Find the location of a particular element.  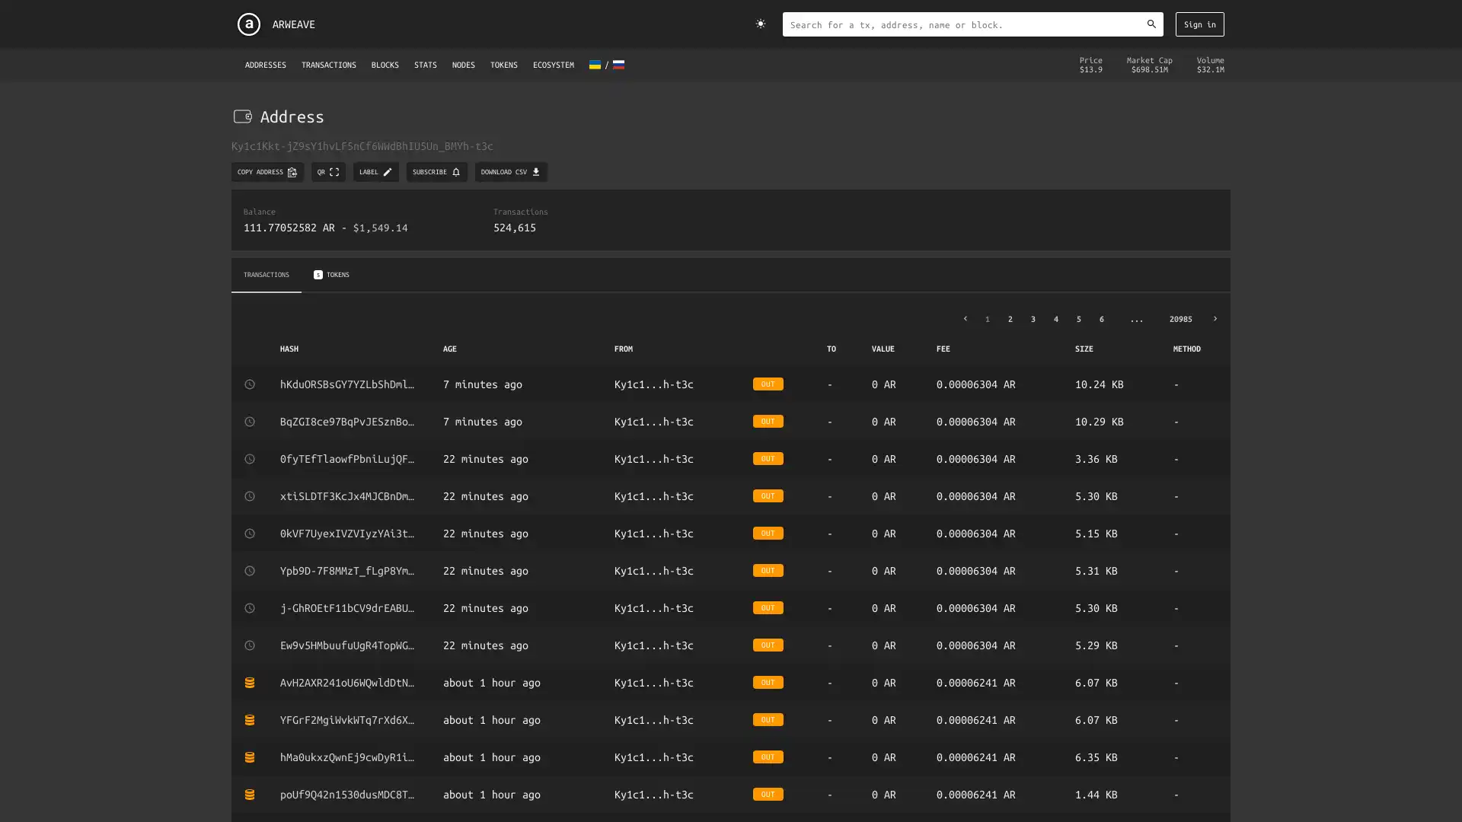

Page 20985 is located at coordinates (1179, 317).